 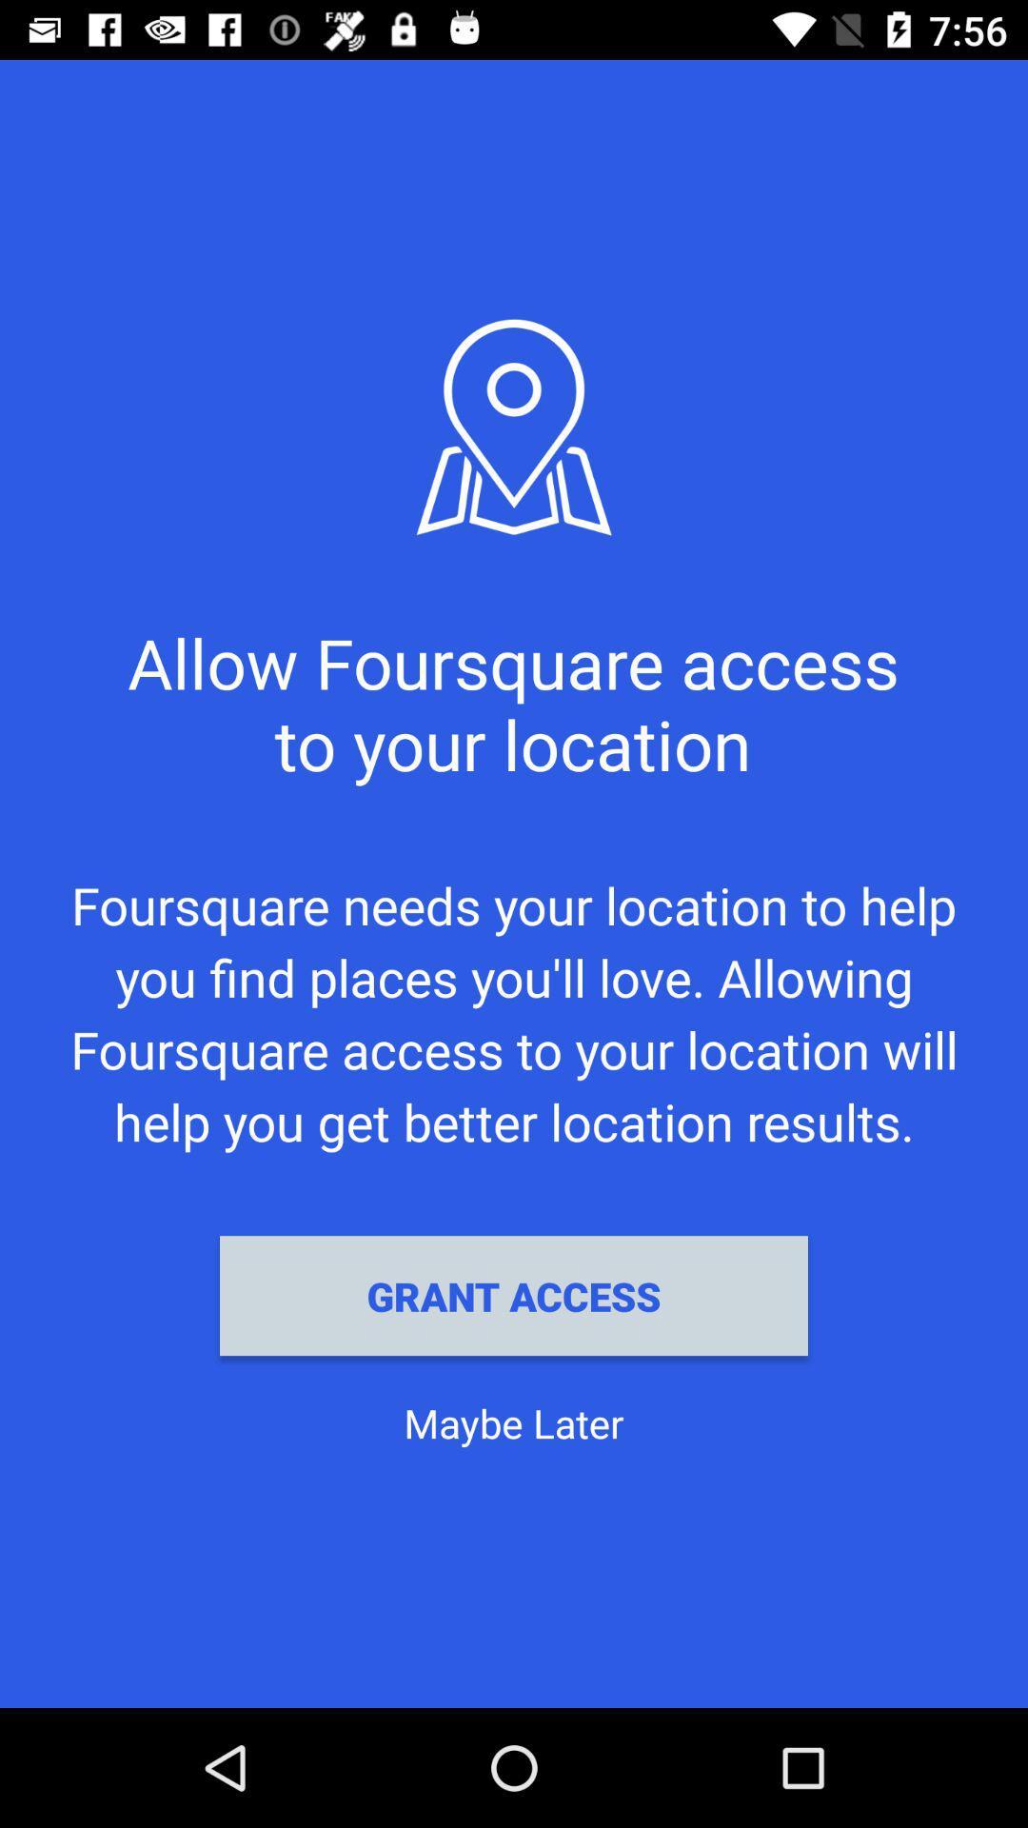 What do you see at coordinates (514, 1295) in the screenshot?
I see `the grant access item` at bounding box center [514, 1295].